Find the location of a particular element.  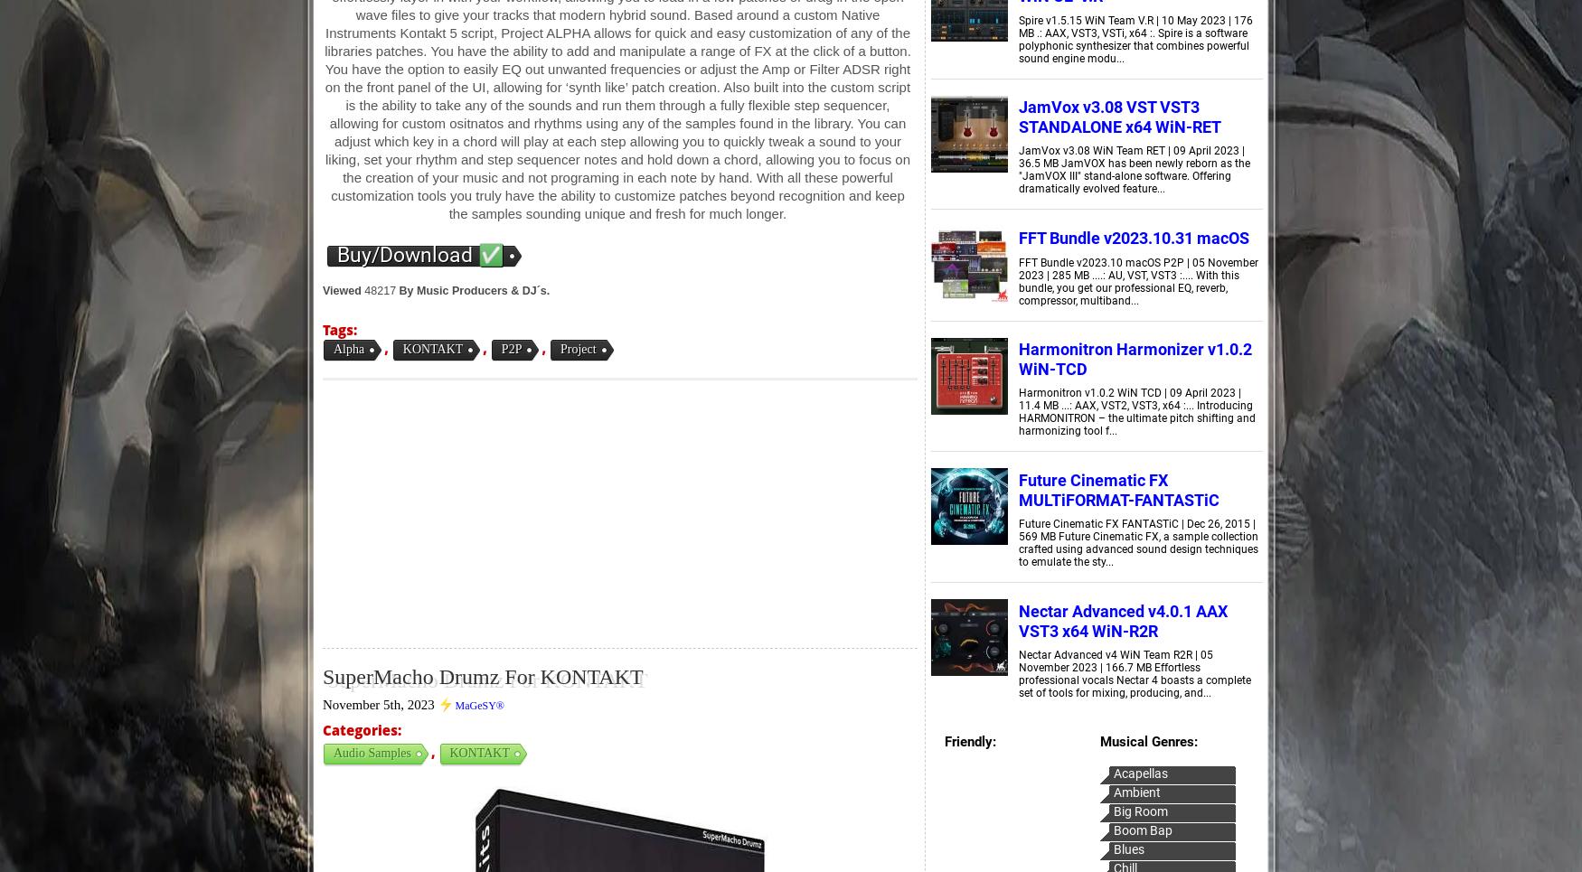

'48217' is located at coordinates (379, 290).